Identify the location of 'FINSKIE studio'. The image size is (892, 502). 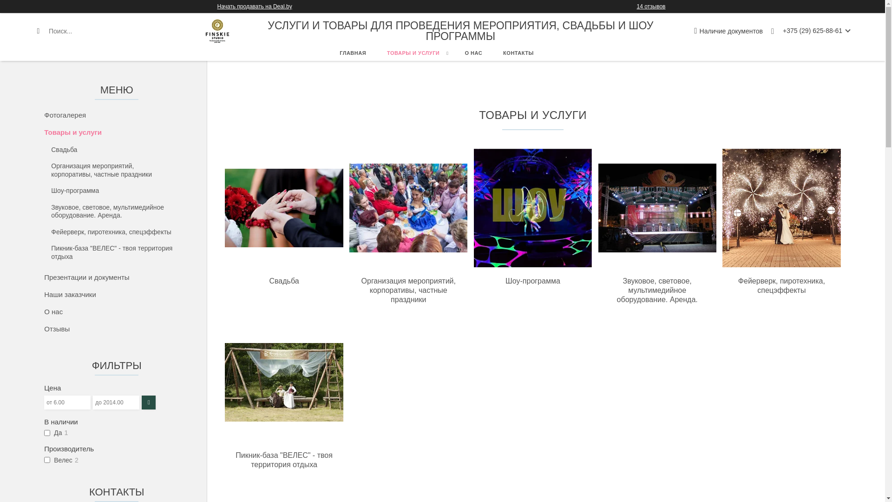
(216, 30).